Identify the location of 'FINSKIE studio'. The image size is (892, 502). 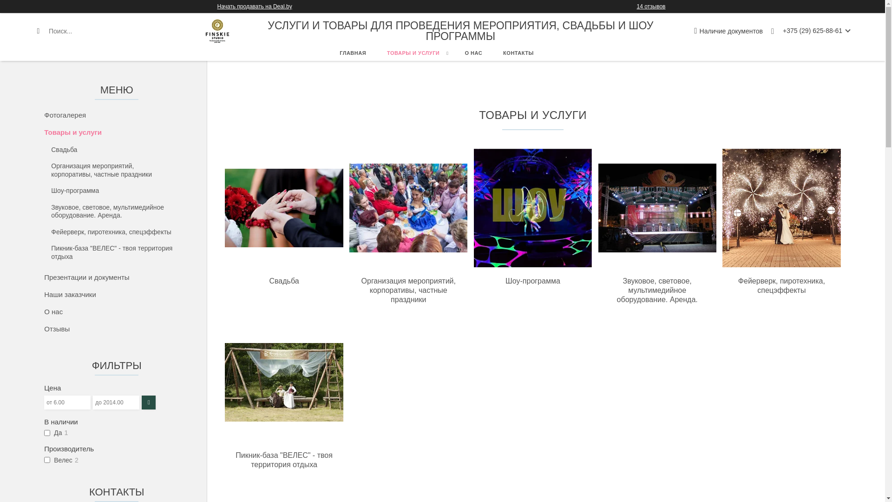
(216, 30).